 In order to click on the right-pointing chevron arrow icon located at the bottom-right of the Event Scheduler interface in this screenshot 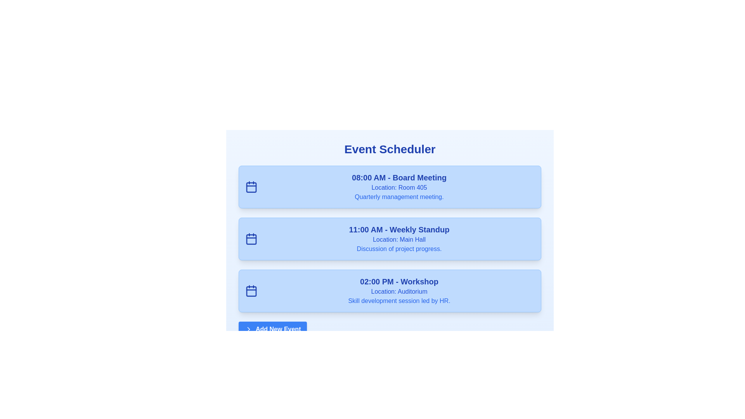, I will do `click(249, 329)`.